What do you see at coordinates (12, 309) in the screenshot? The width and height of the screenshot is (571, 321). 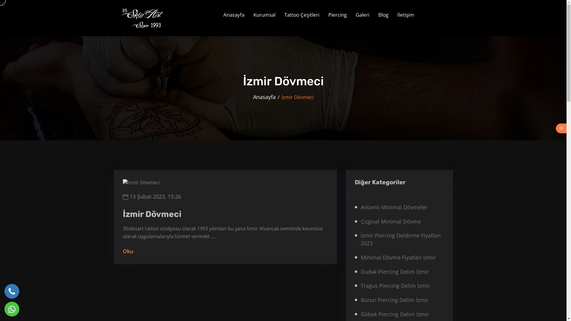 I see `'WhatsApp'` at bounding box center [12, 309].